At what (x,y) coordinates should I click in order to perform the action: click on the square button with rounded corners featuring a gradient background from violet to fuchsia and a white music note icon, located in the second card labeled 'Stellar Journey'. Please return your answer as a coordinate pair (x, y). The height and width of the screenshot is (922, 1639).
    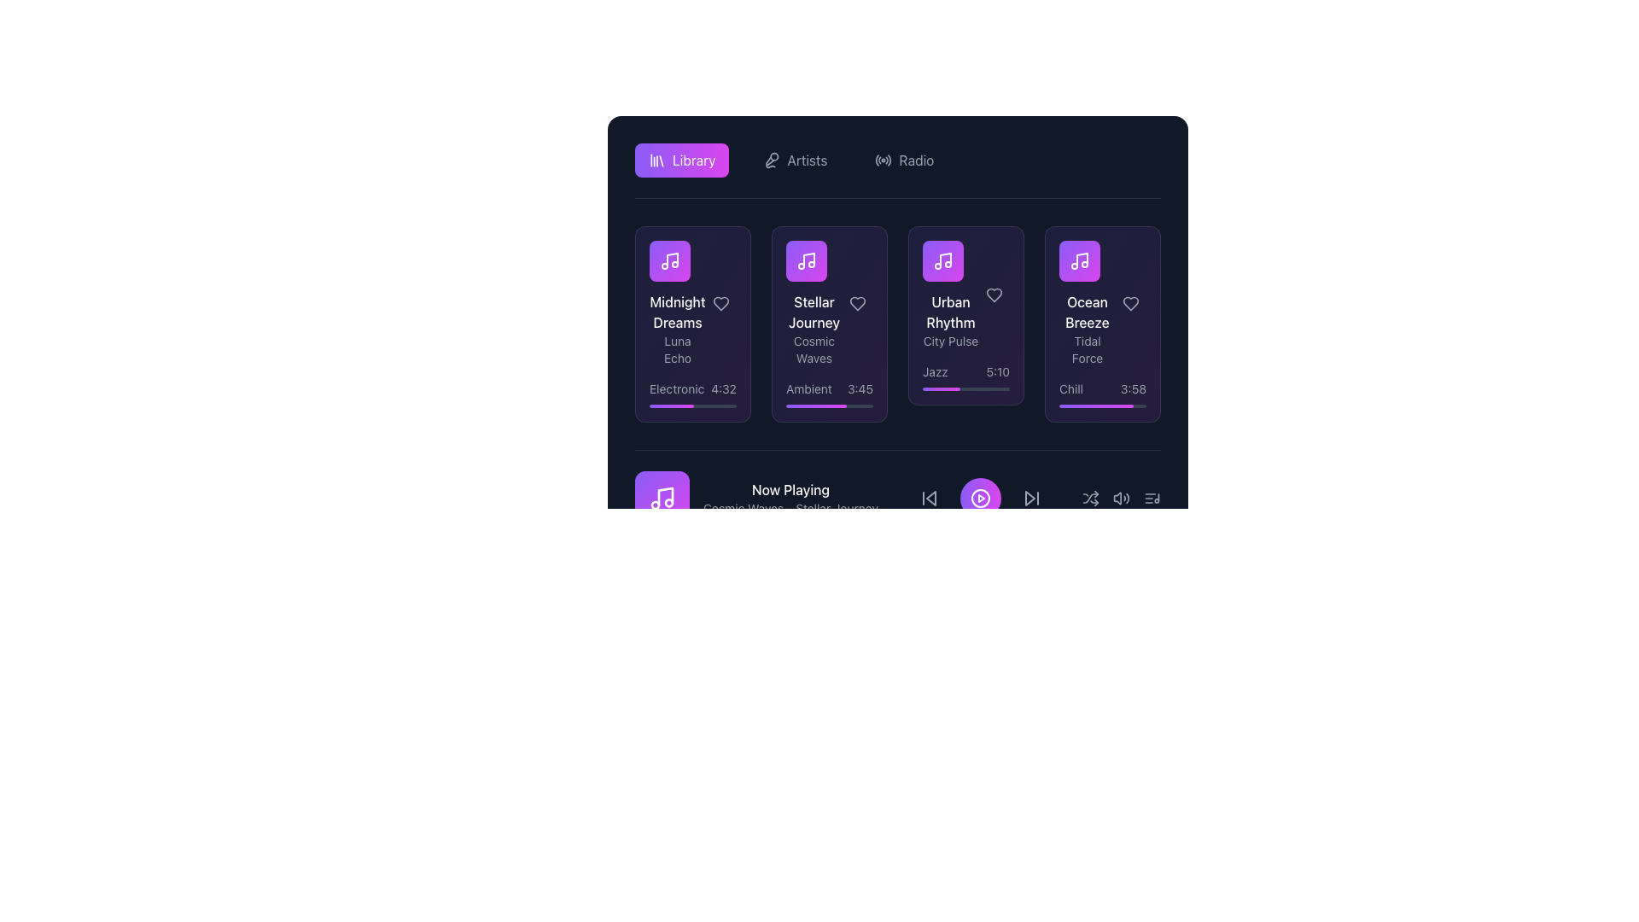
    Looking at the image, I should click on (806, 260).